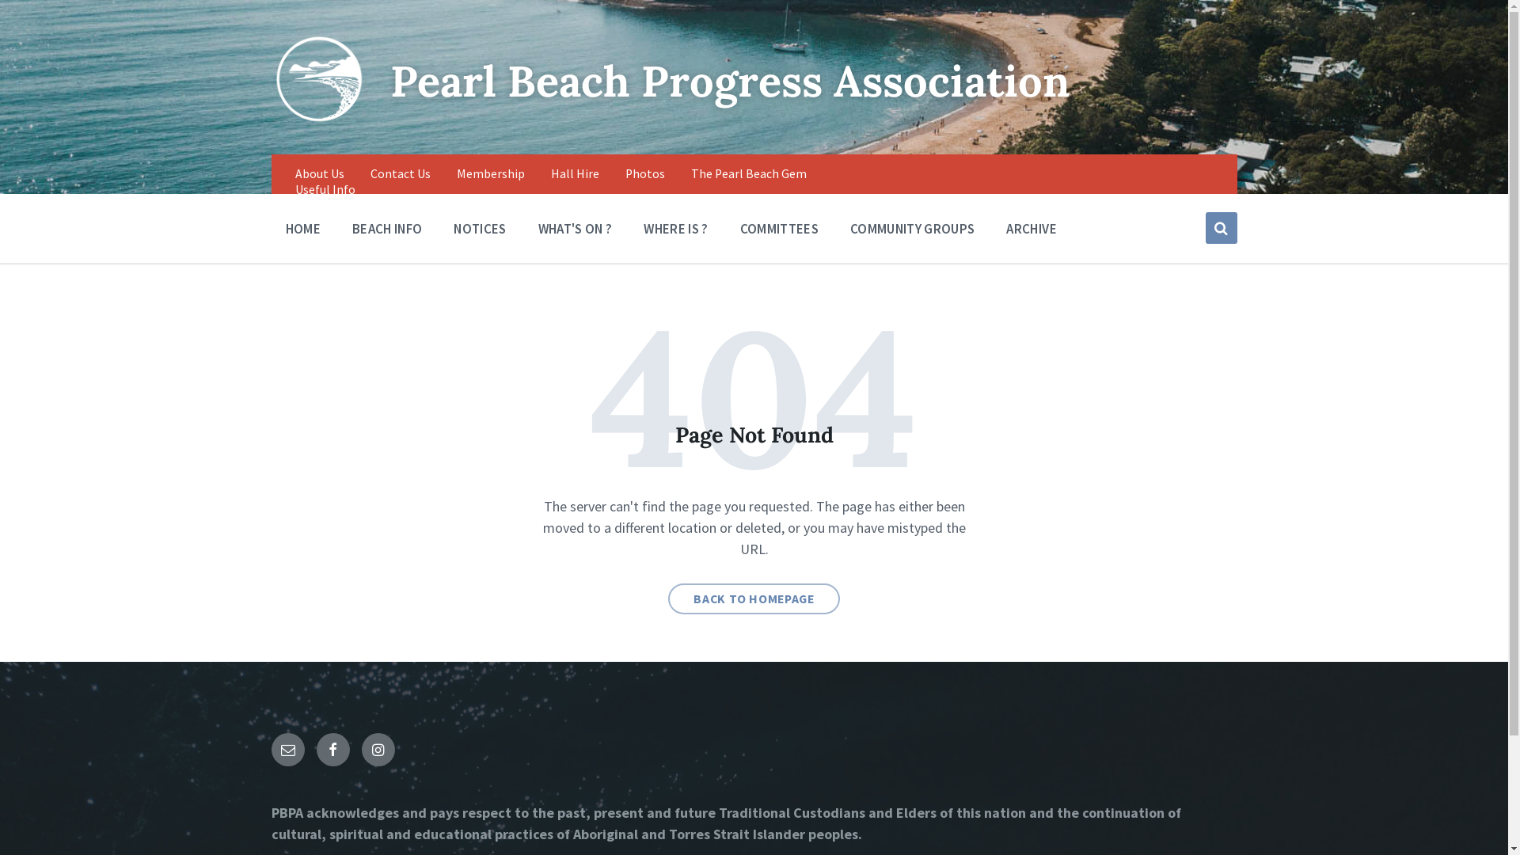 Image resolution: width=1520 pixels, height=855 pixels. What do you see at coordinates (287, 749) in the screenshot?
I see `'Email'` at bounding box center [287, 749].